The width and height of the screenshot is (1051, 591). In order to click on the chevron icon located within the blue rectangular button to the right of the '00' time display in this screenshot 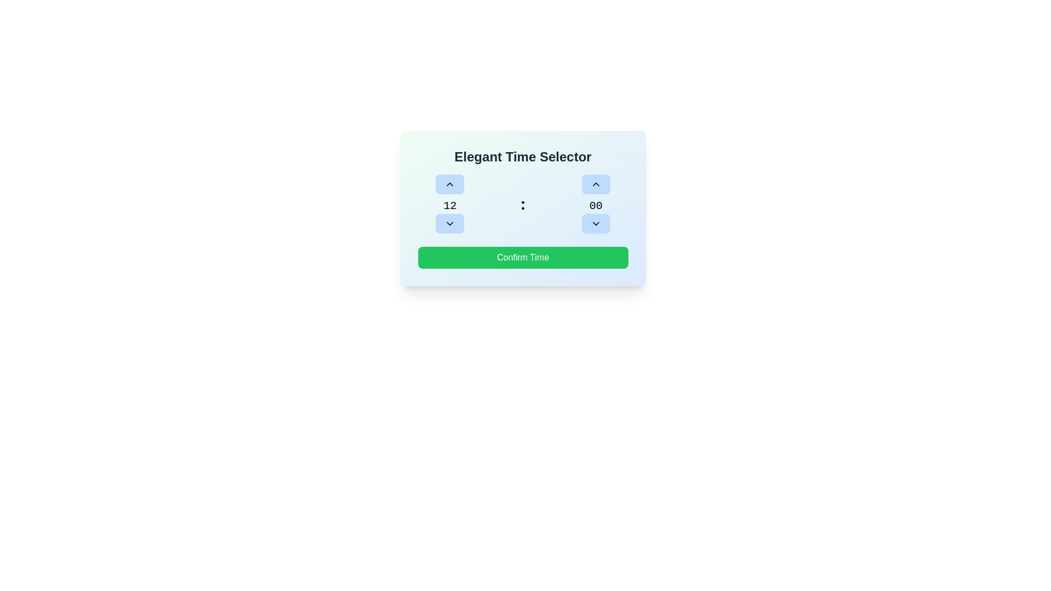, I will do `click(595, 223)`.